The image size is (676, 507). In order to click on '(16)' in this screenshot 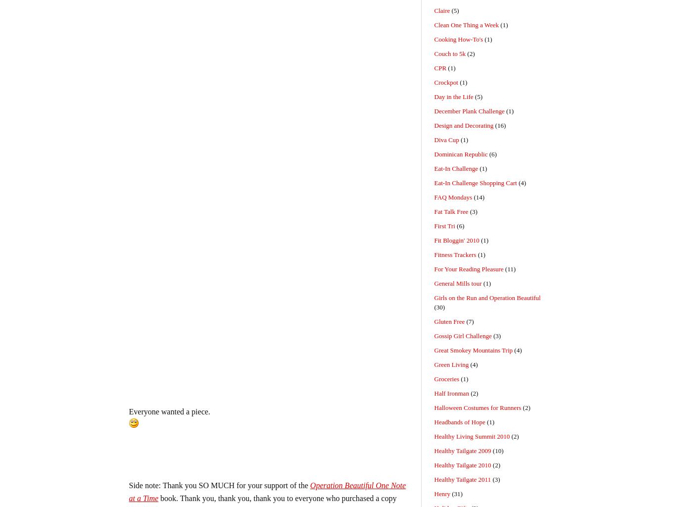, I will do `click(499, 125)`.